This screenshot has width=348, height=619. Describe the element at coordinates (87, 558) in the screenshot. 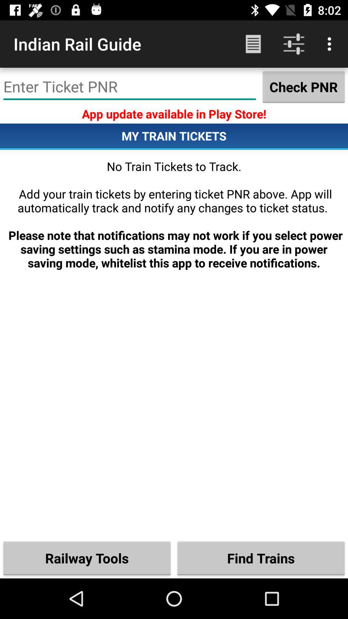

I see `icon at the bottom left corner` at that location.